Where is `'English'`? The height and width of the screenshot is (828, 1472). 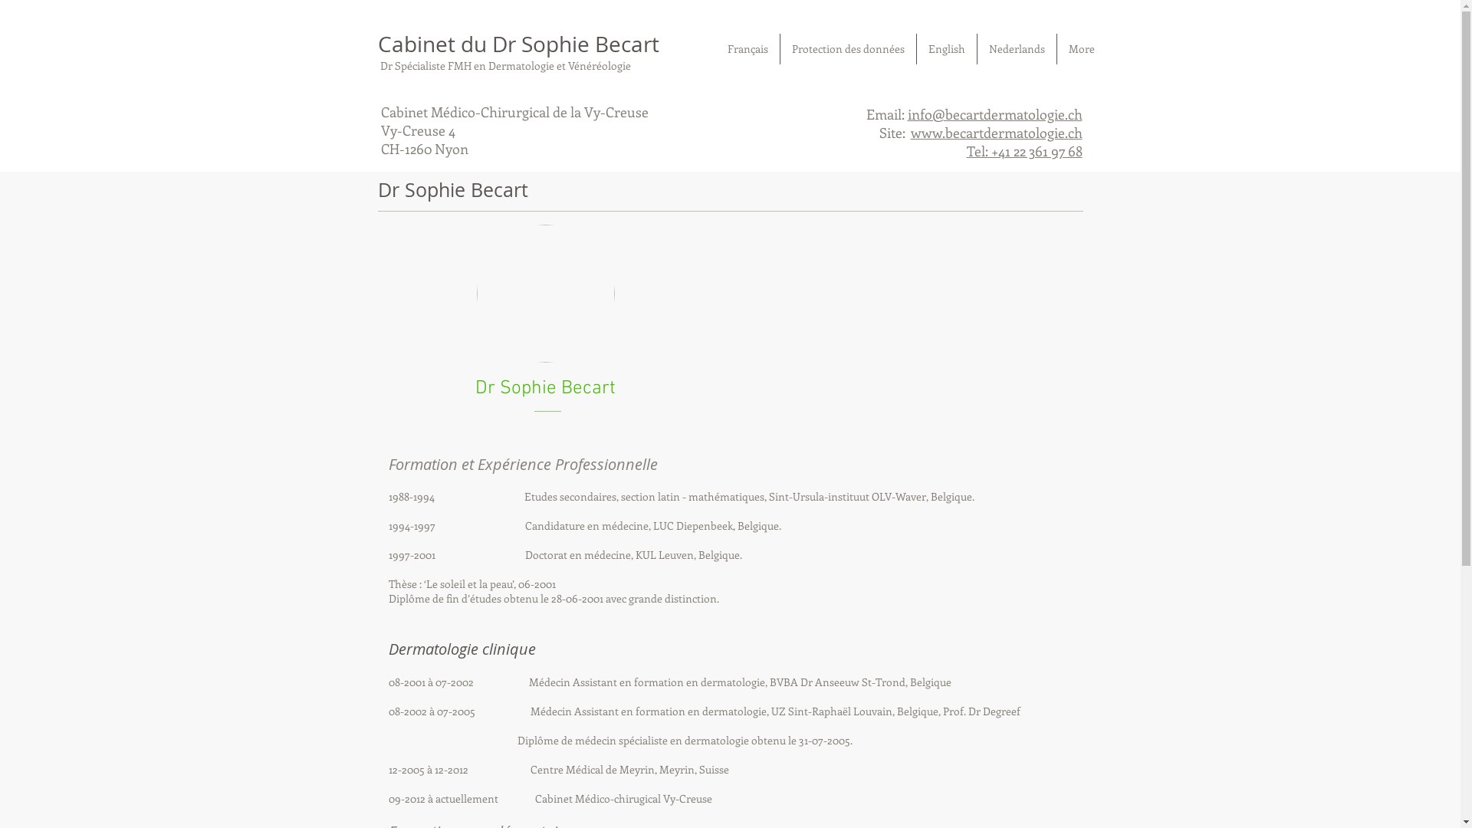
'English' is located at coordinates (916, 48).